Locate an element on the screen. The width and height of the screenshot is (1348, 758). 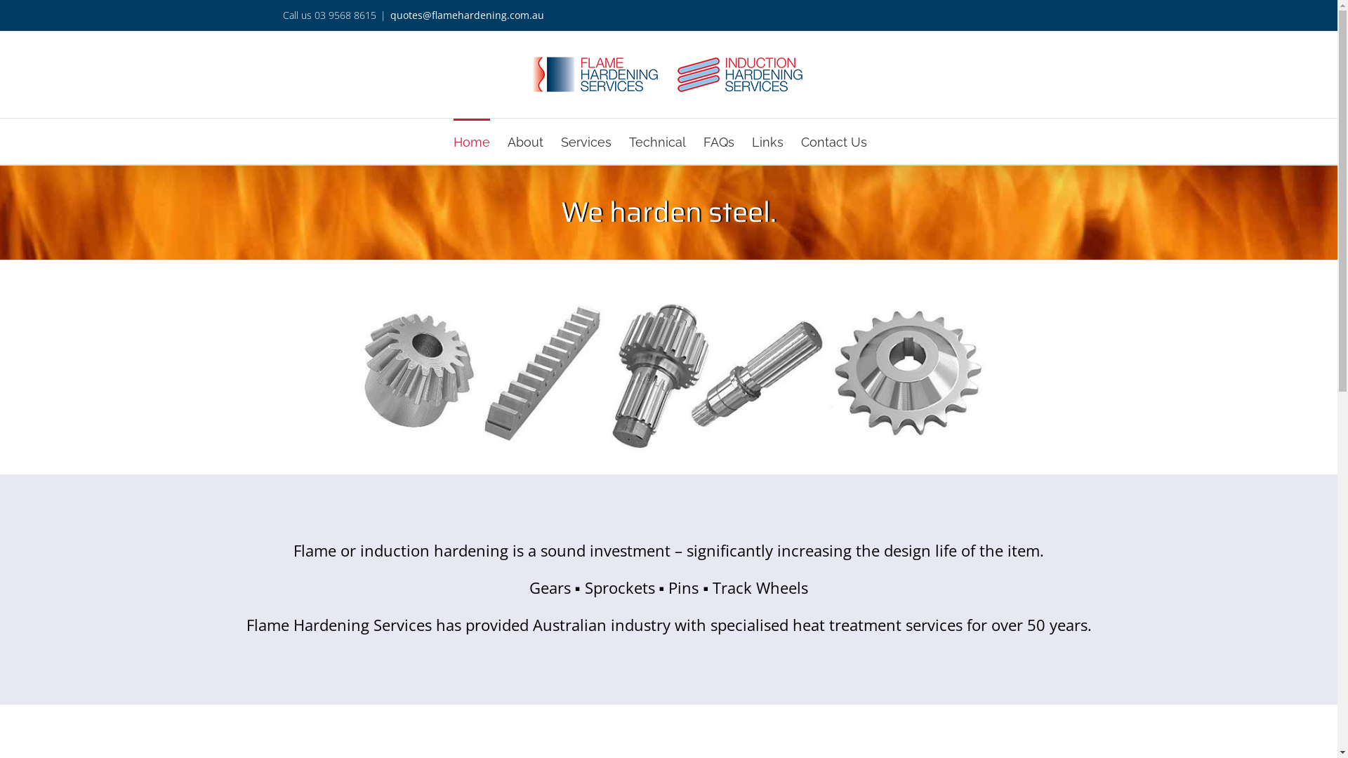
'quotes@flamehardening.com.au' is located at coordinates (467, 15).